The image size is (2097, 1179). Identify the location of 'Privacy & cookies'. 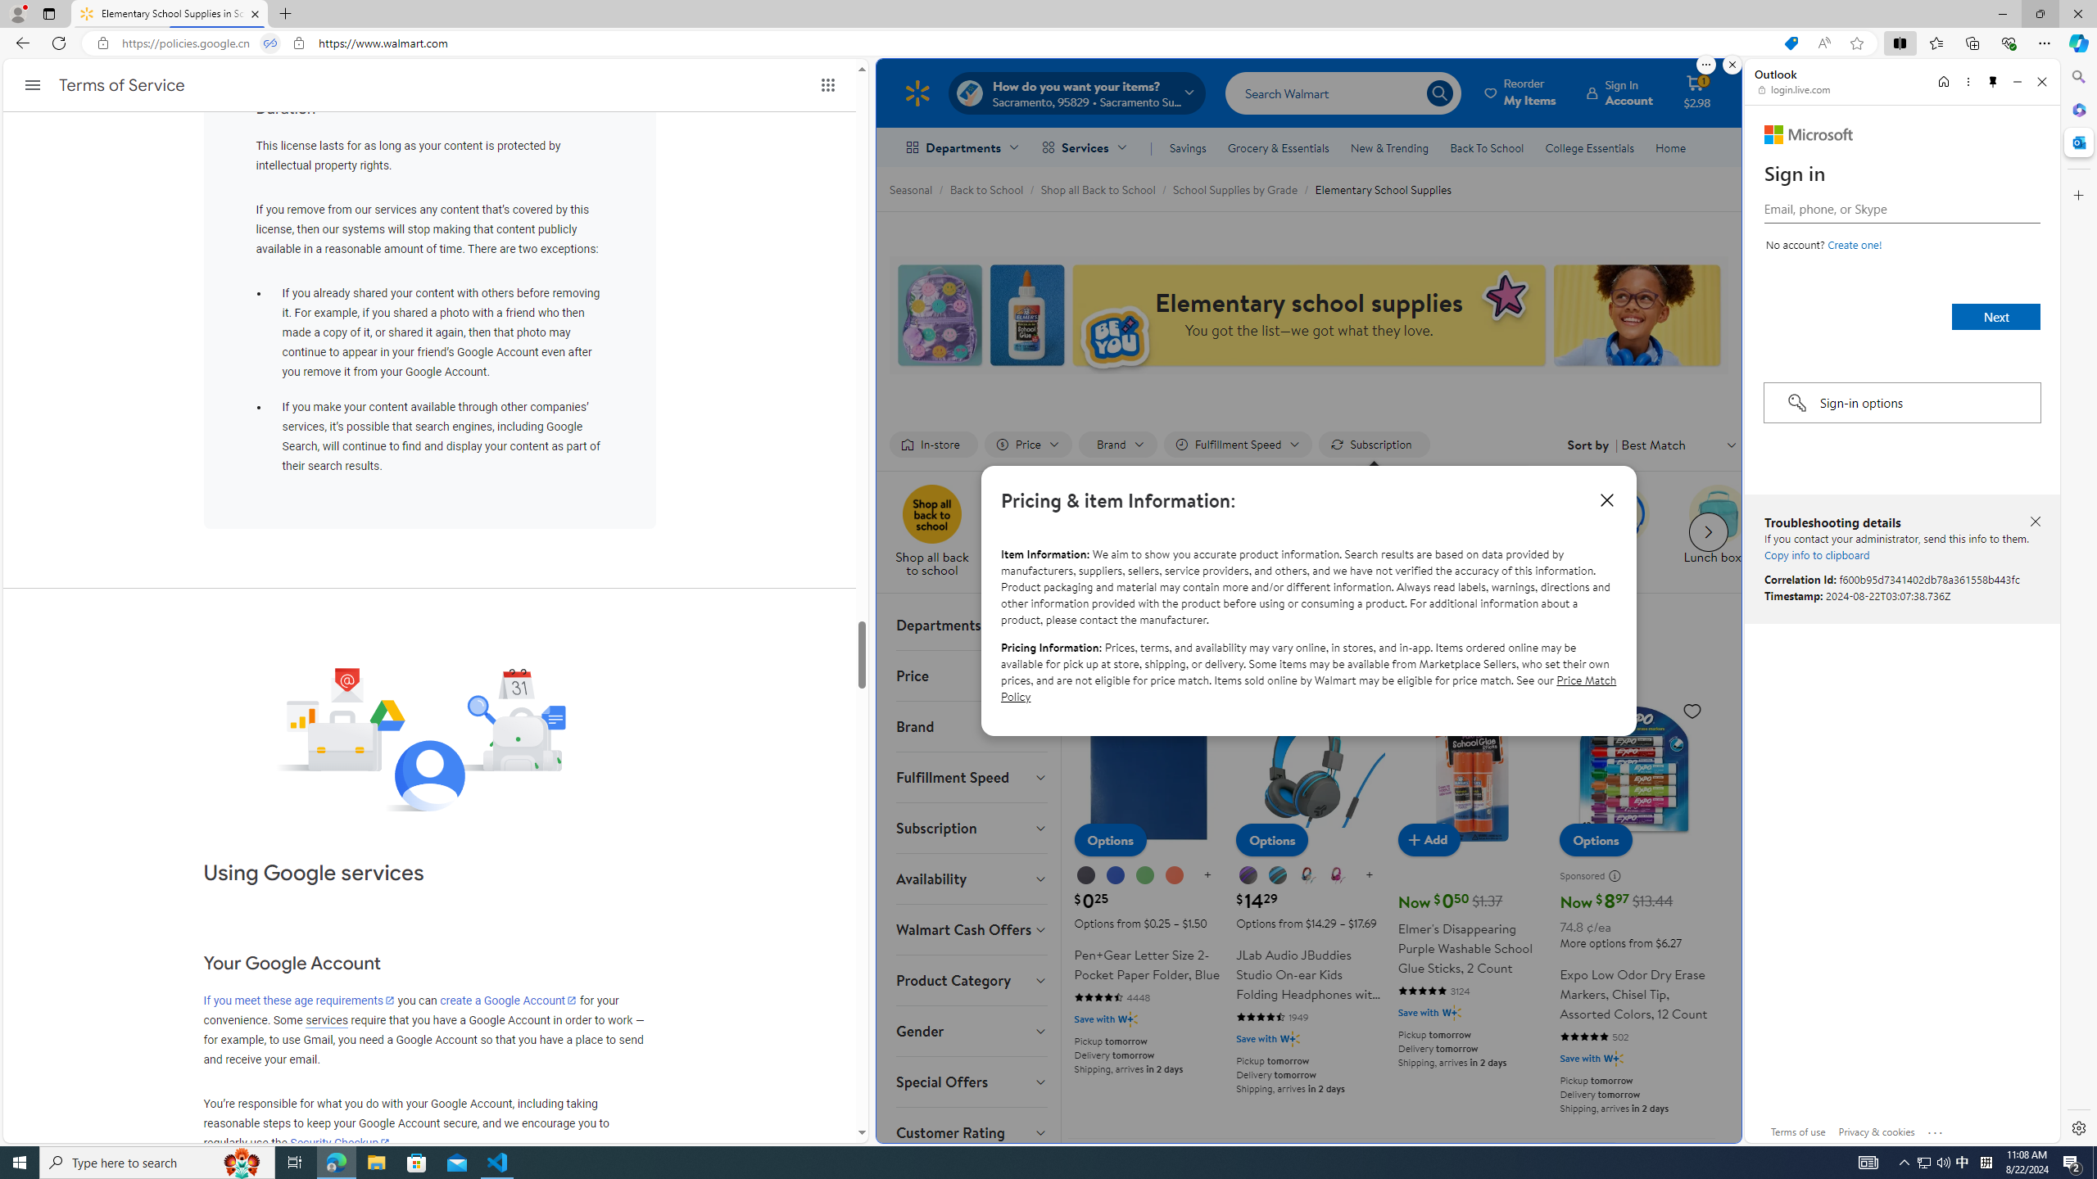
(1876, 1130).